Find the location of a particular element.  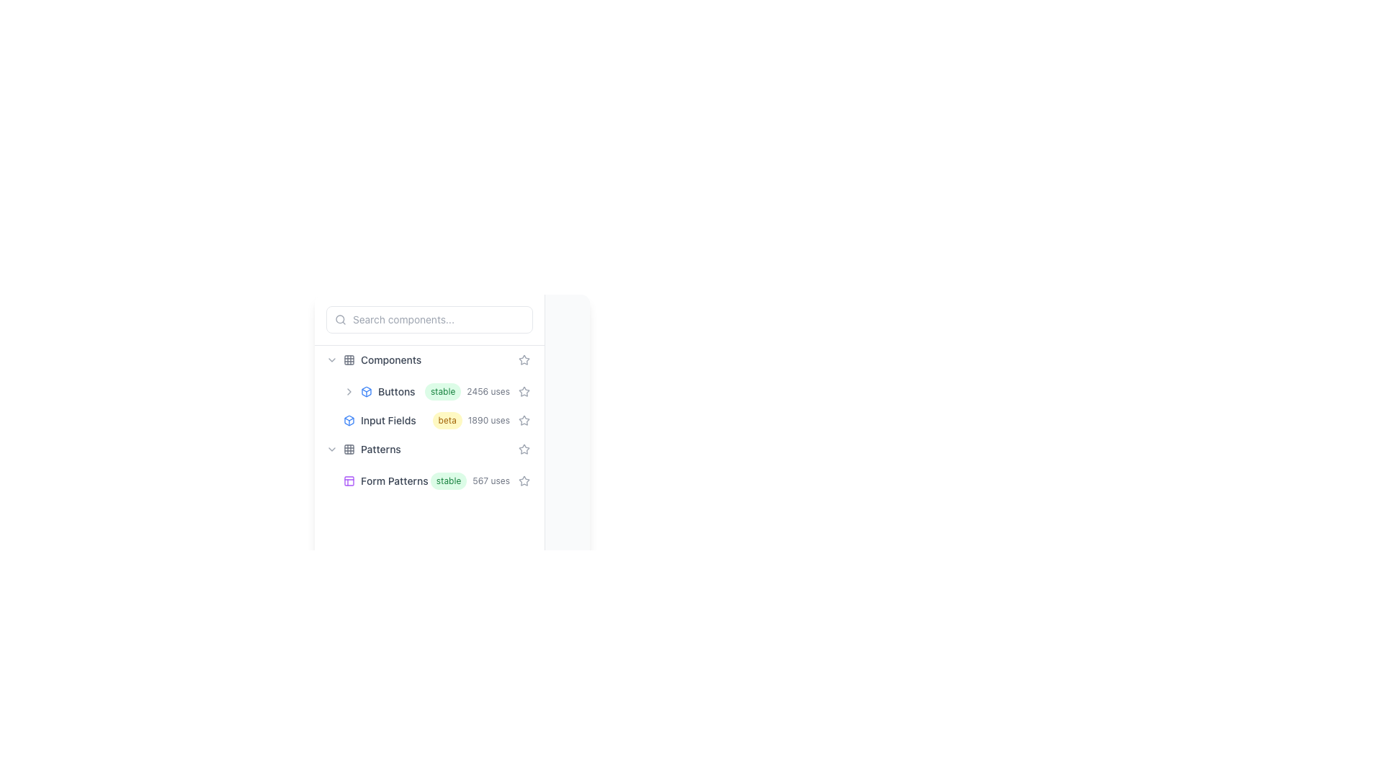

the list item labeled 'Buttons' with a blue icon and a green label 'stable' is located at coordinates (429, 391).